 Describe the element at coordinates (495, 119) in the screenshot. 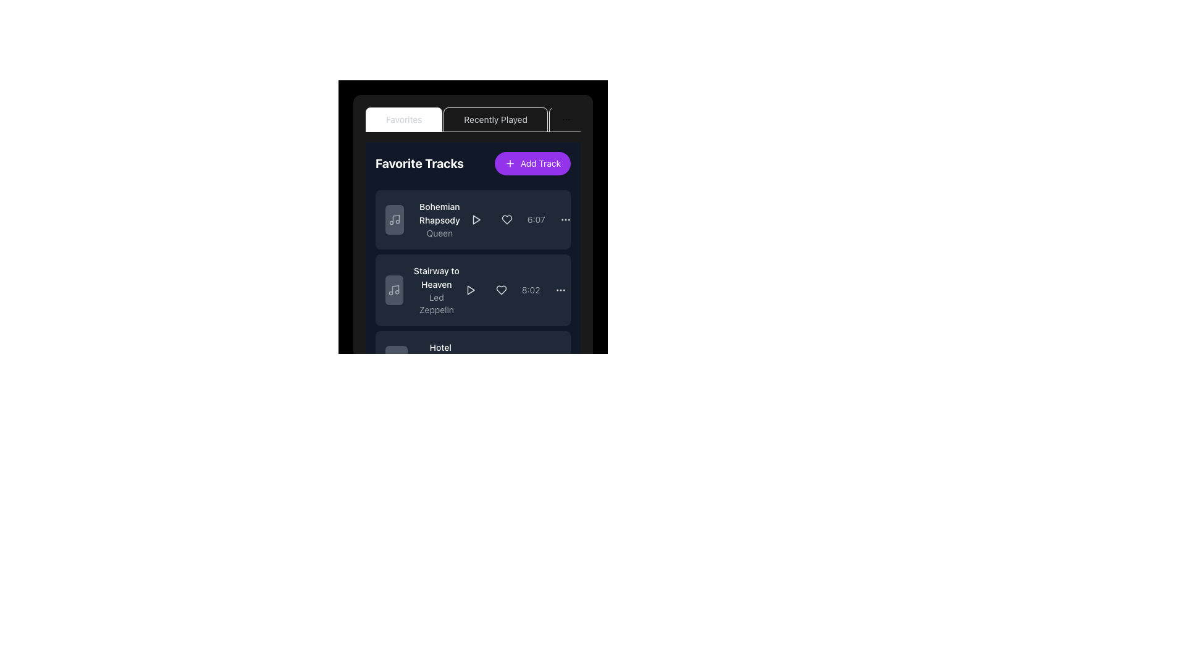

I see `the 'Recently Played' navigation tab located next to the 'Favorites' tab in the horizontal tab navigation bar` at that location.